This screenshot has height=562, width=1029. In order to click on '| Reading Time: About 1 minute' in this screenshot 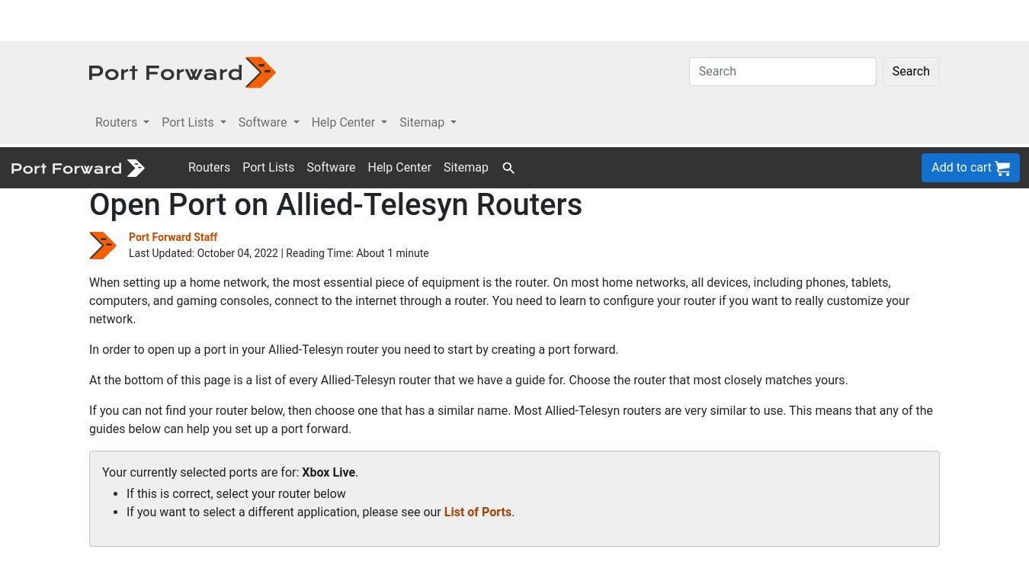, I will do `click(352, 105)`.